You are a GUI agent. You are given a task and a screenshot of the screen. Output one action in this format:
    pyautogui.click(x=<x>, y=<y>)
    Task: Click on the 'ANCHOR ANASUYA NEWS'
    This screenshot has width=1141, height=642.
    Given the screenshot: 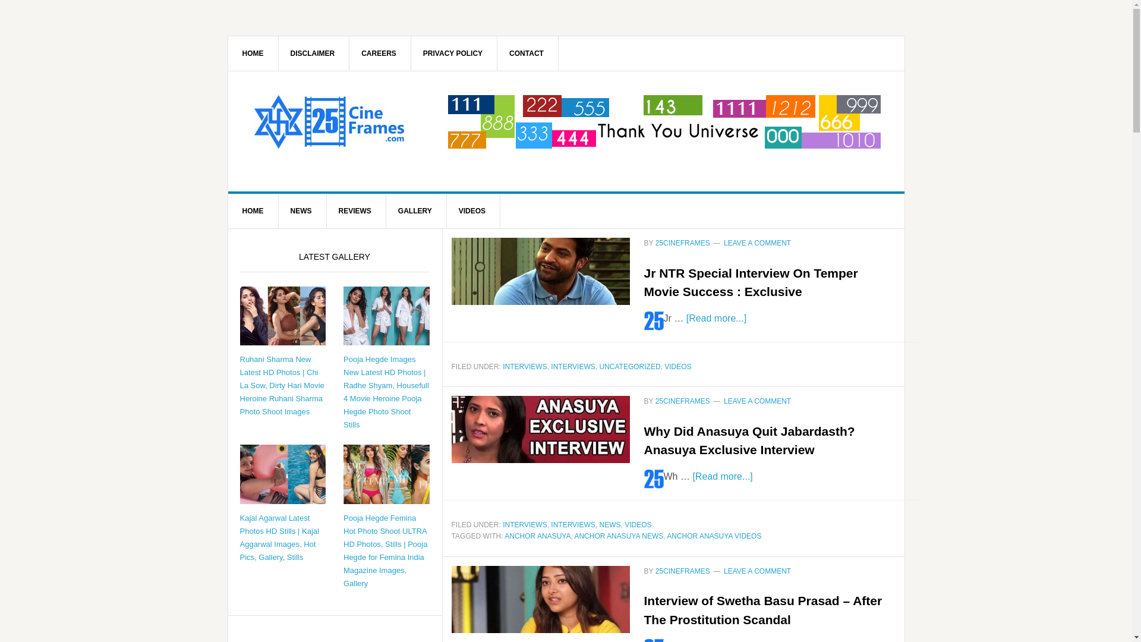 What is the action you would take?
    pyautogui.click(x=618, y=536)
    